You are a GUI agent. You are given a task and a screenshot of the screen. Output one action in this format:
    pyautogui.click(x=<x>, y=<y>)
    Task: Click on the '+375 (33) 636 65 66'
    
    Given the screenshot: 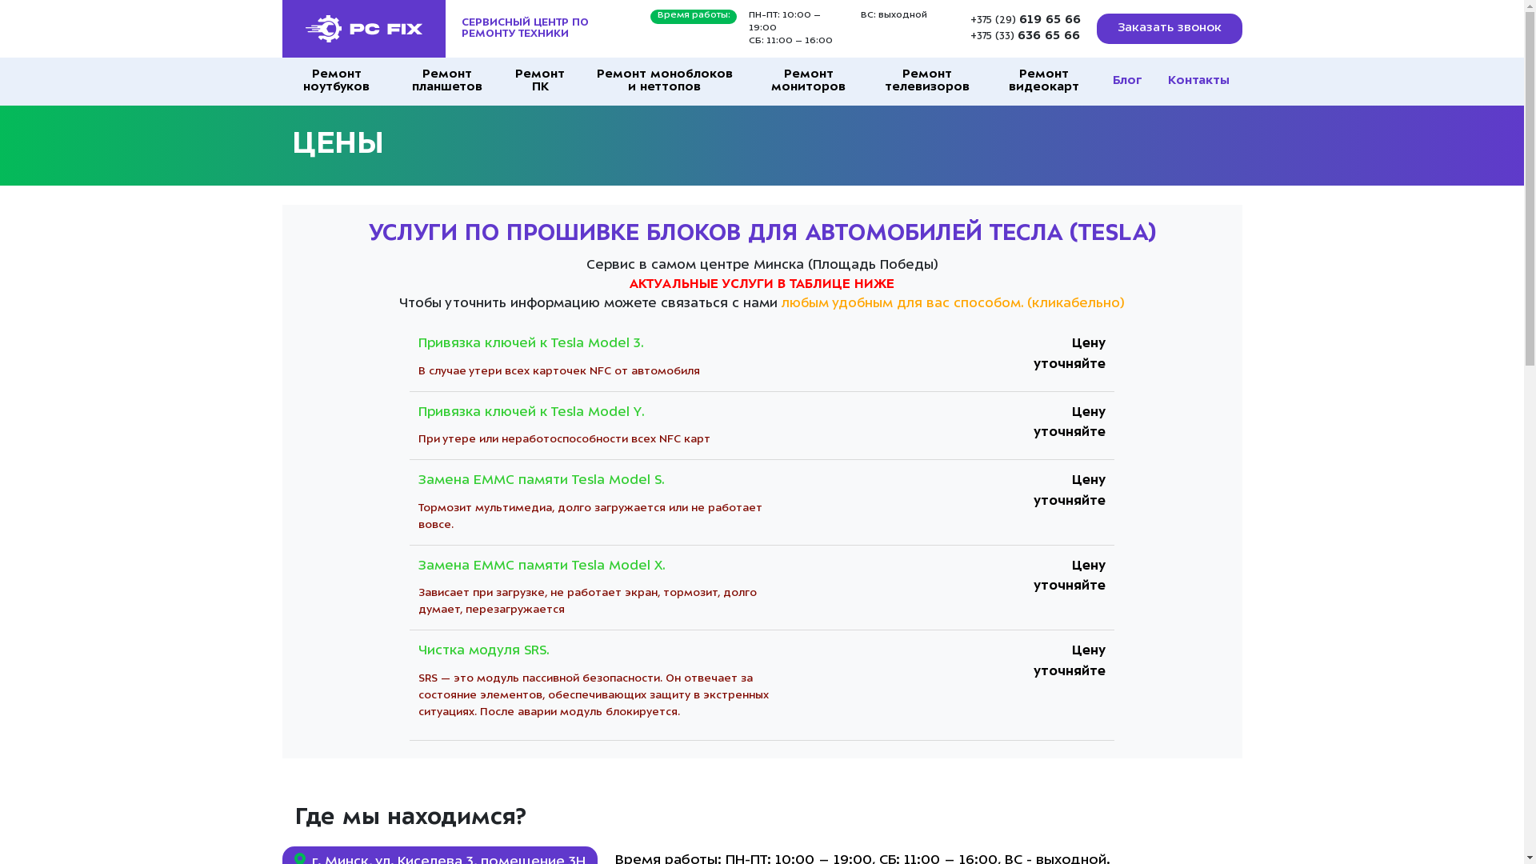 What is the action you would take?
    pyautogui.click(x=1025, y=36)
    